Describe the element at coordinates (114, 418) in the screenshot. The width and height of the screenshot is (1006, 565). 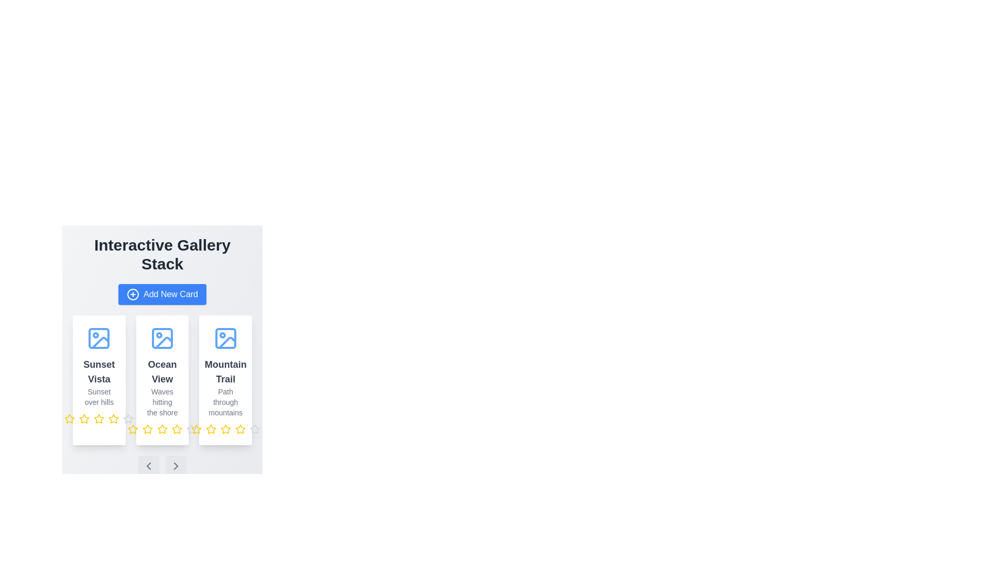
I see `the fourth star icon from the left in the rating row beneath the 'Sunset Vista' card to rate the item` at that location.